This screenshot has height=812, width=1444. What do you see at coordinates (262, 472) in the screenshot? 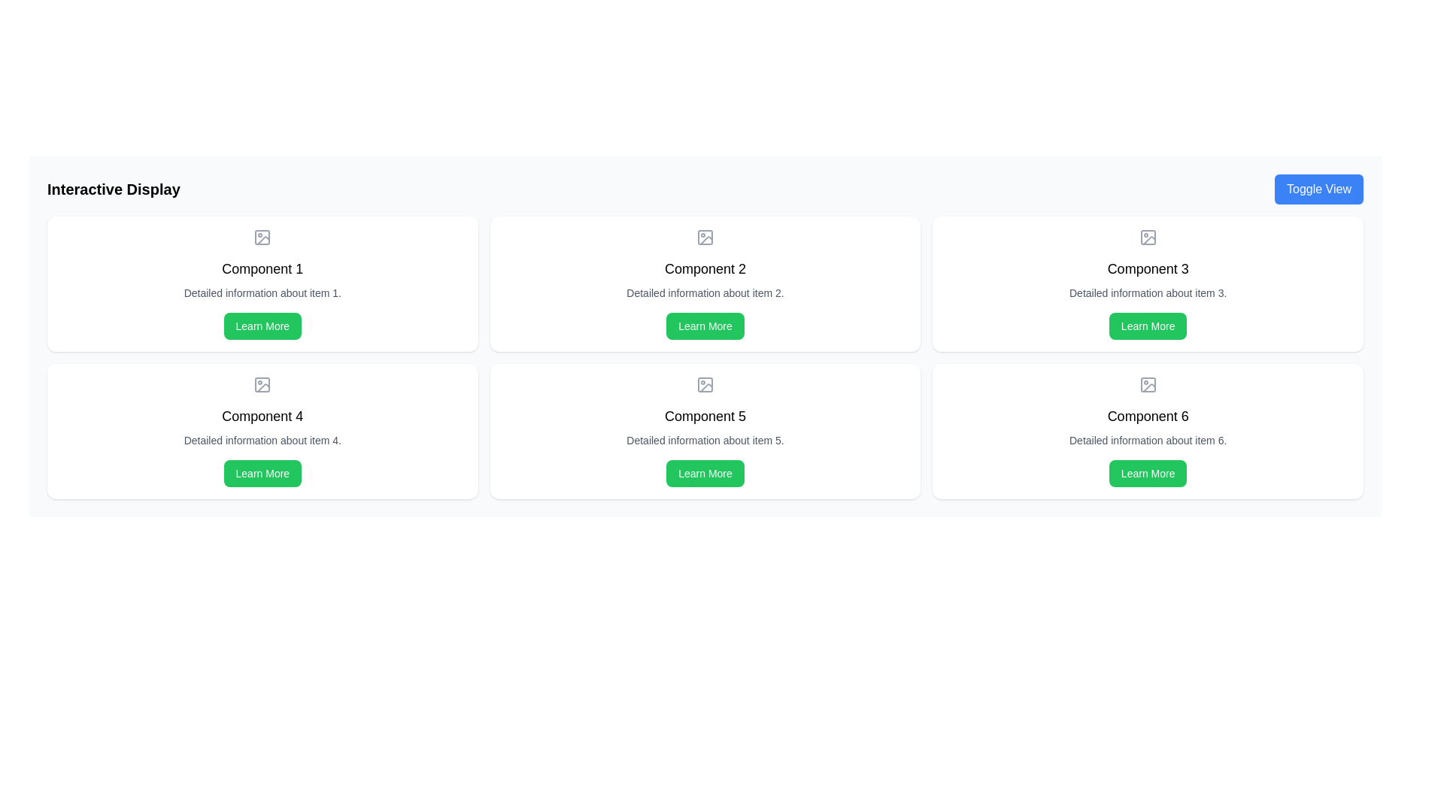
I see `the 'Learn More' button with a green background and white text, located beneath the 'Component 4' card in the grid layout` at bounding box center [262, 472].